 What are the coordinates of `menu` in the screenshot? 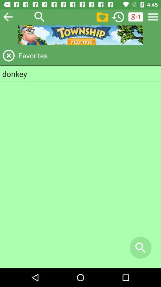 It's located at (153, 16).